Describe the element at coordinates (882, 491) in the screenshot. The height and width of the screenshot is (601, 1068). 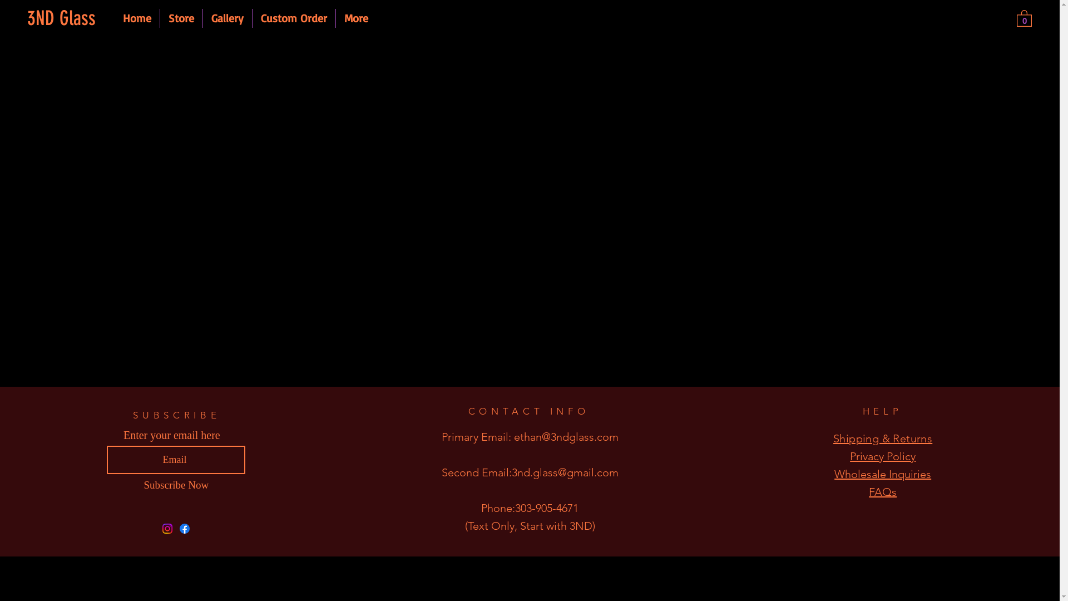
I see `'FAQs'` at that location.